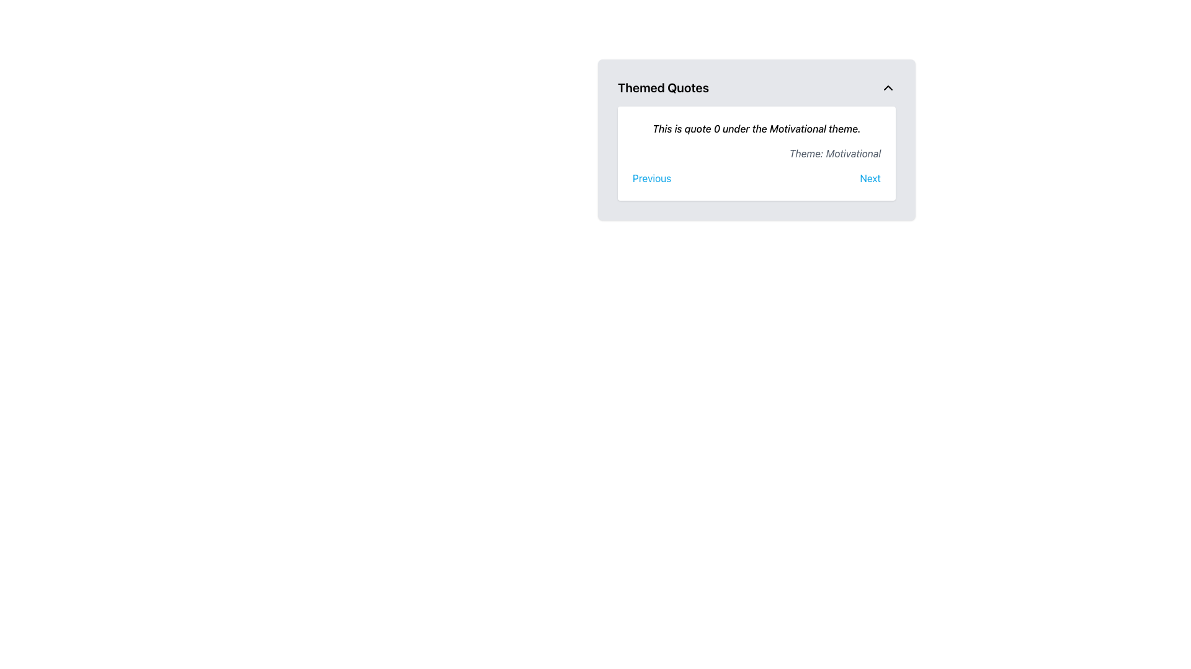 Image resolution: width=1191 pixels, height=669 pixels. I want to click on the 'Previous' button located at the bottom left of the main content box, so click(651, 178).